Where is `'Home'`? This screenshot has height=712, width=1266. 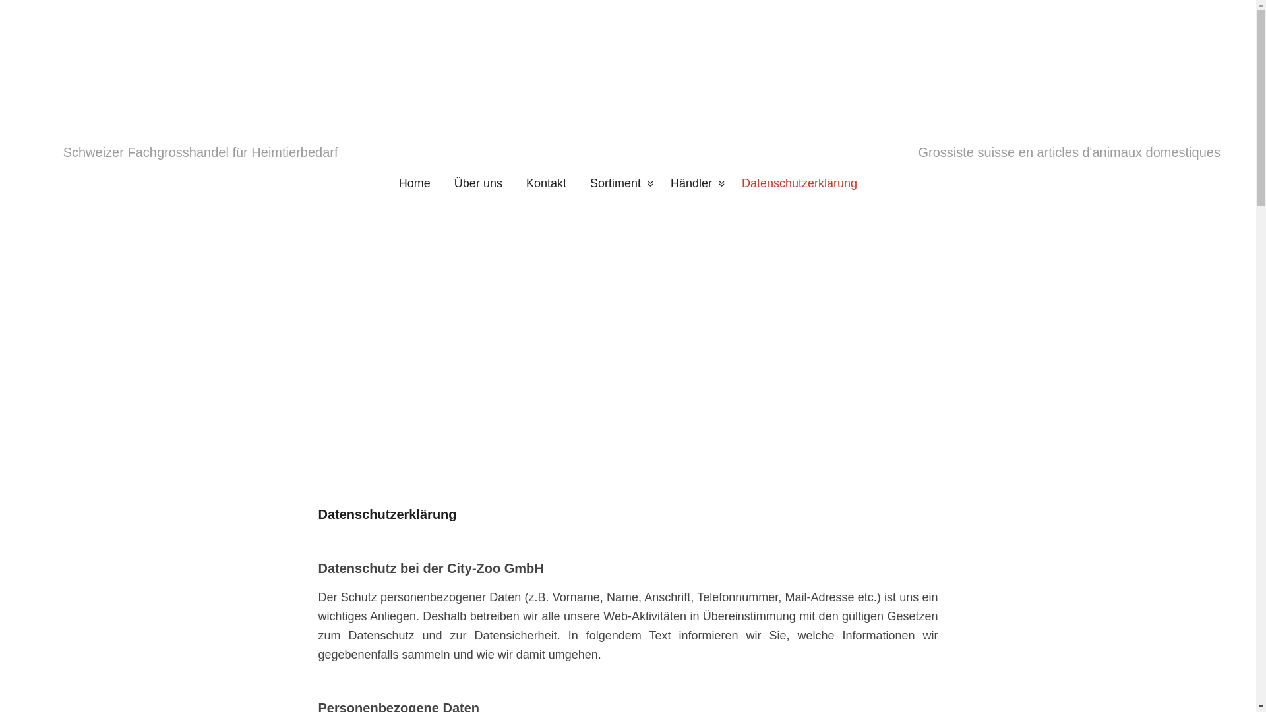
'Home' is located at coordinates (375, 183).